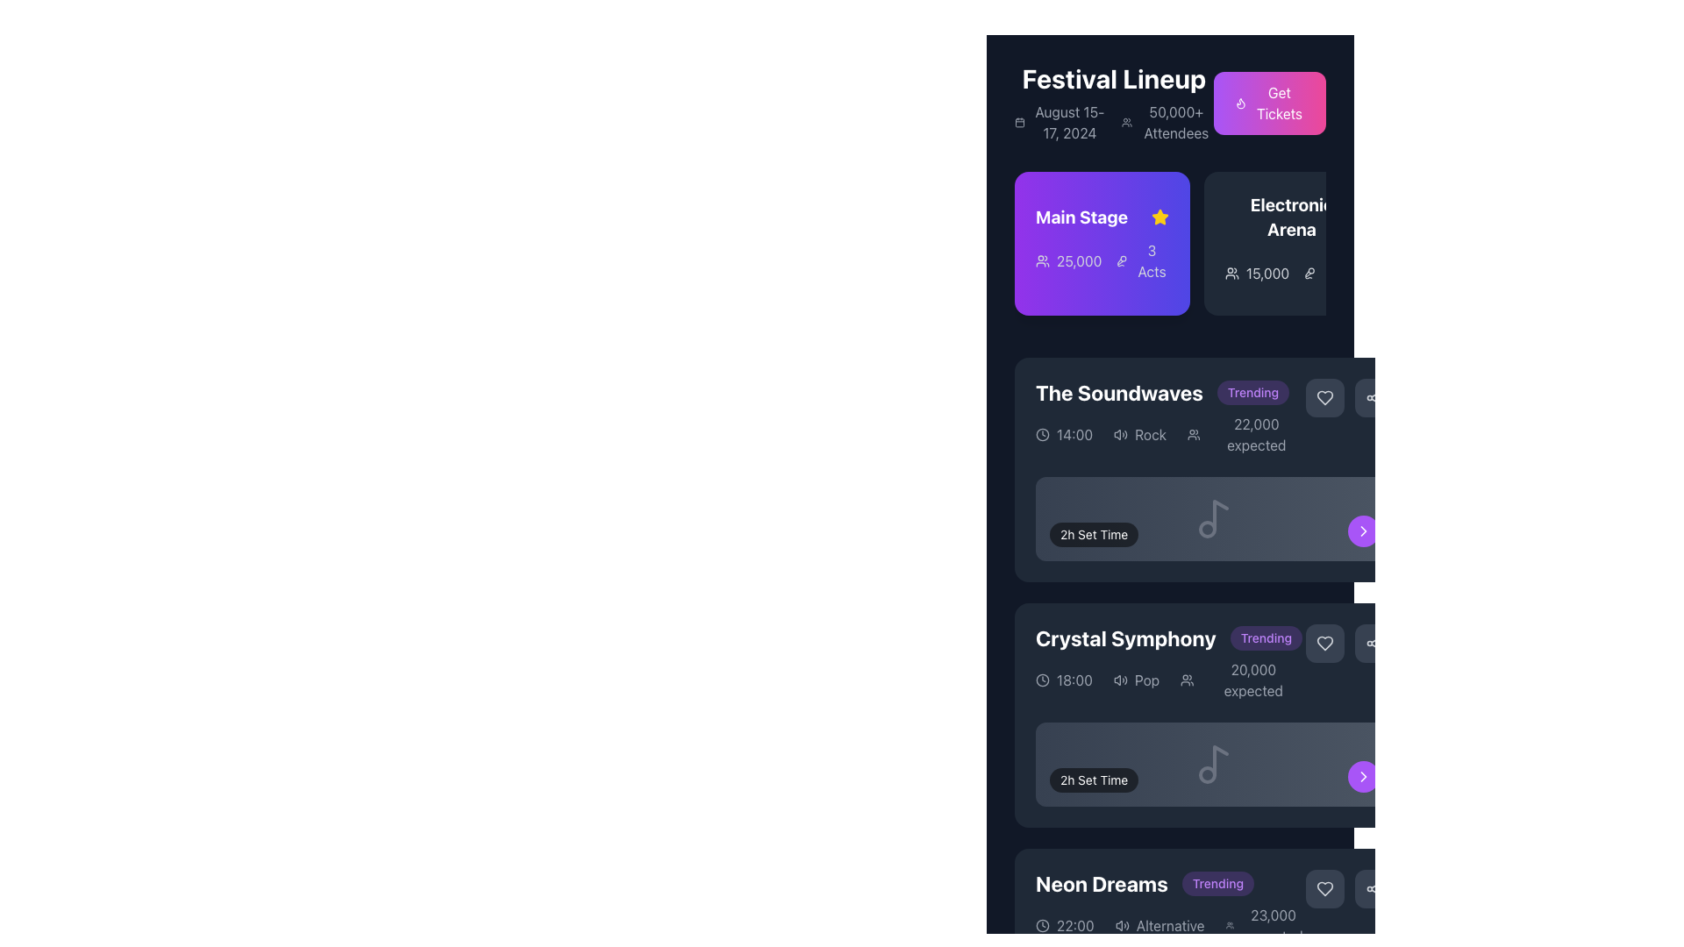 The image size is (1684, 947). What do you see at coordinates (1239, 103) in the screenshot?
I see `the flame-shaped icon indicating 'fire' or 'trending' status located in the 'Festival Lineup' section, to the right of the 'Main Stage' tile` at bounding box center [1239, 103].